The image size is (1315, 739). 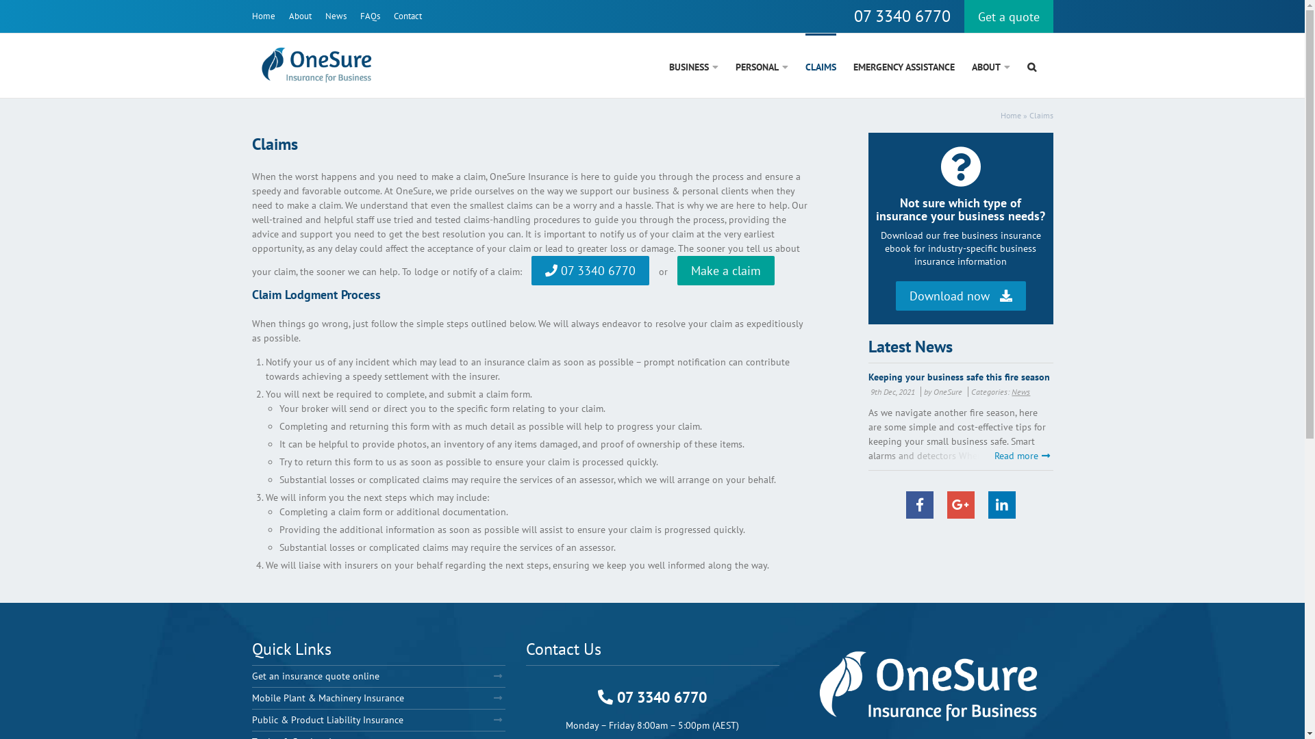 What do you see at coordinates (693, 65) in the screenshot?
I see `'BUSINESS'` at bounding box center [693, 65].